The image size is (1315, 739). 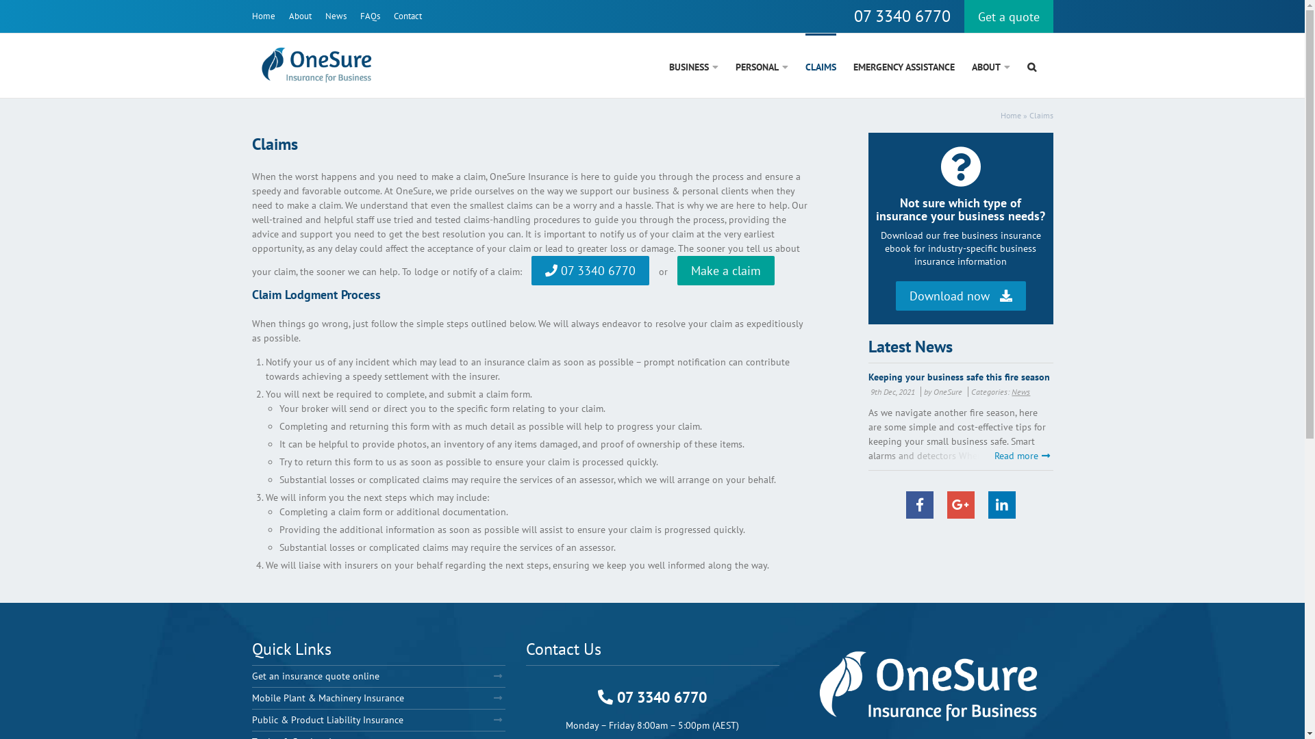 What do you see at coordinates (693, 65) in the screenshot?
I see `'BUSINESS'` at bounding box center [693, 65].